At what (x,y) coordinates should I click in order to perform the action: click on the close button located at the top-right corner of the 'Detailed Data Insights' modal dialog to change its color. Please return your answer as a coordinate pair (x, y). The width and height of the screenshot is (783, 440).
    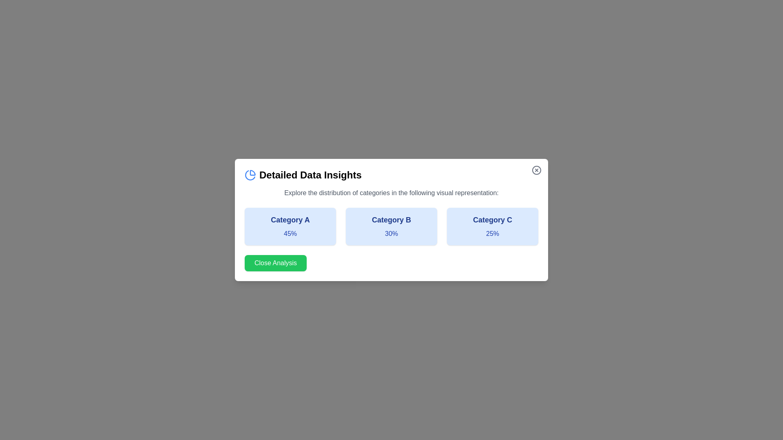
    Looking at the image, I should click on (536, 169).